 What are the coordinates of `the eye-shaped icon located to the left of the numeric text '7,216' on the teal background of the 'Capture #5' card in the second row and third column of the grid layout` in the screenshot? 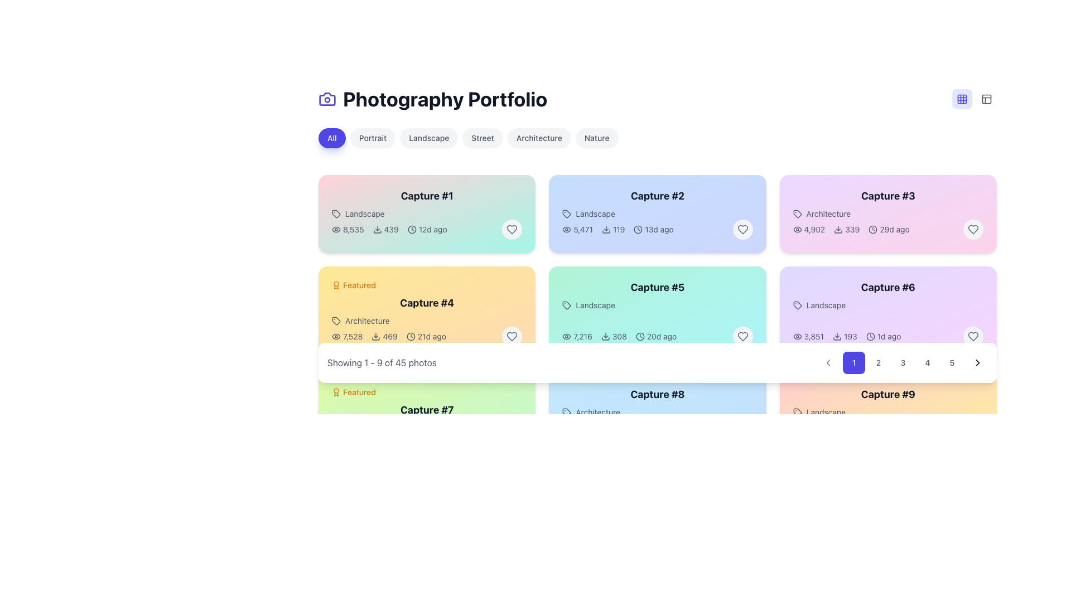 It's located at (567, 336).